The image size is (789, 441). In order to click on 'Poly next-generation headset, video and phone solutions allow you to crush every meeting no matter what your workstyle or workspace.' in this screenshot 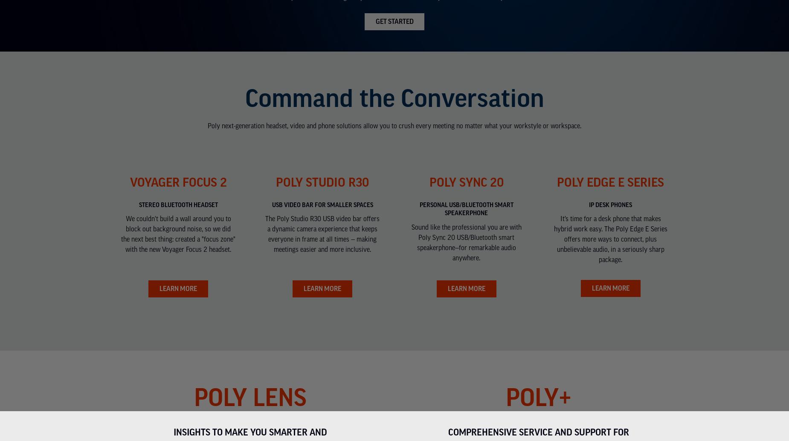, I will do `click(207, 125)`.